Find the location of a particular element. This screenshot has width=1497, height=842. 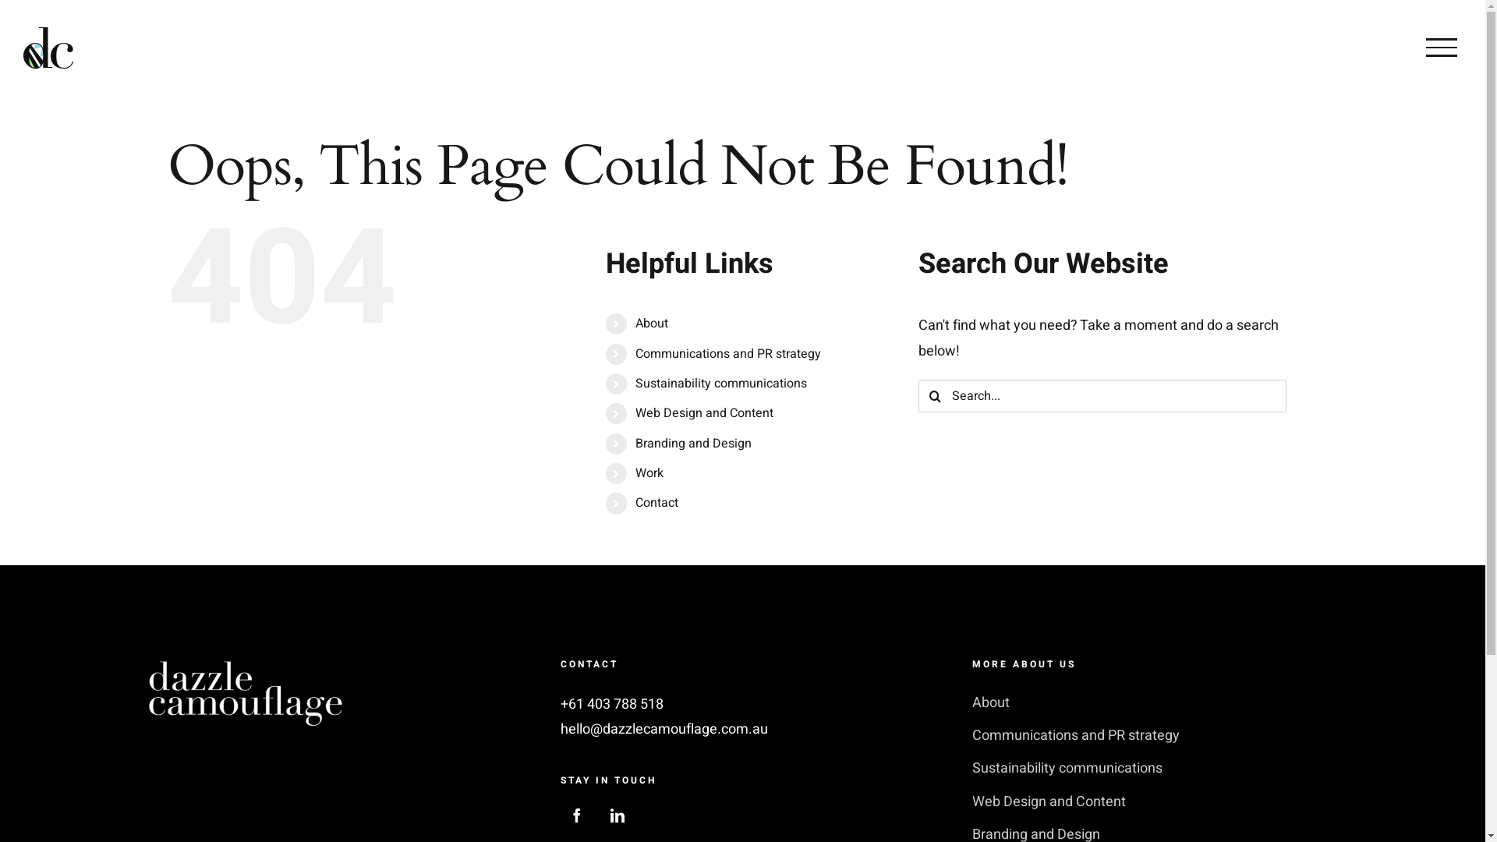

'LinkedIn' is located at coordinates (617, 814).